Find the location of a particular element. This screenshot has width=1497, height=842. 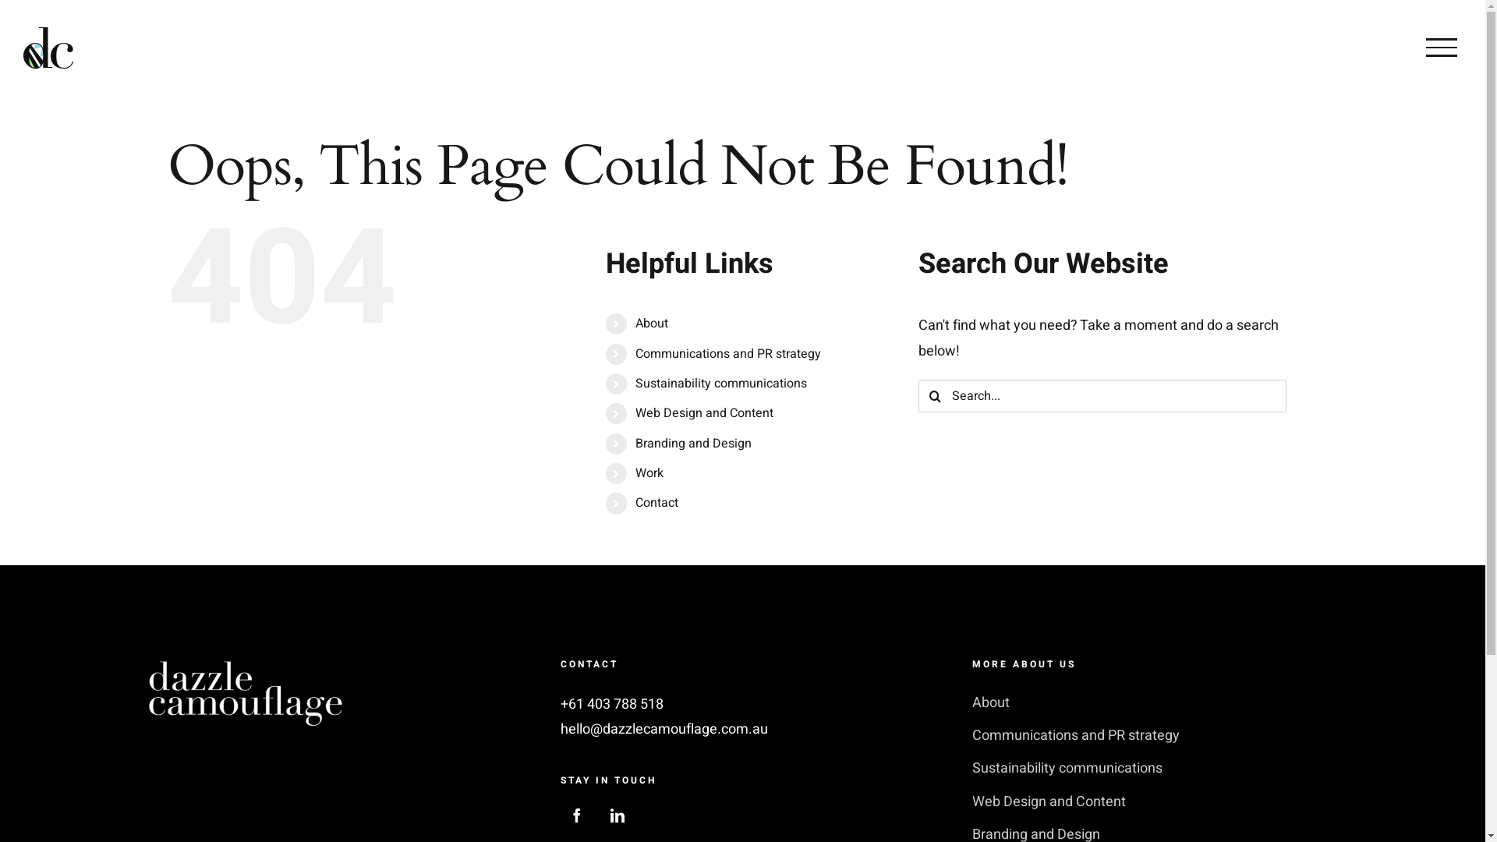

'LinkedIn' is located at coordinates (617, 814).